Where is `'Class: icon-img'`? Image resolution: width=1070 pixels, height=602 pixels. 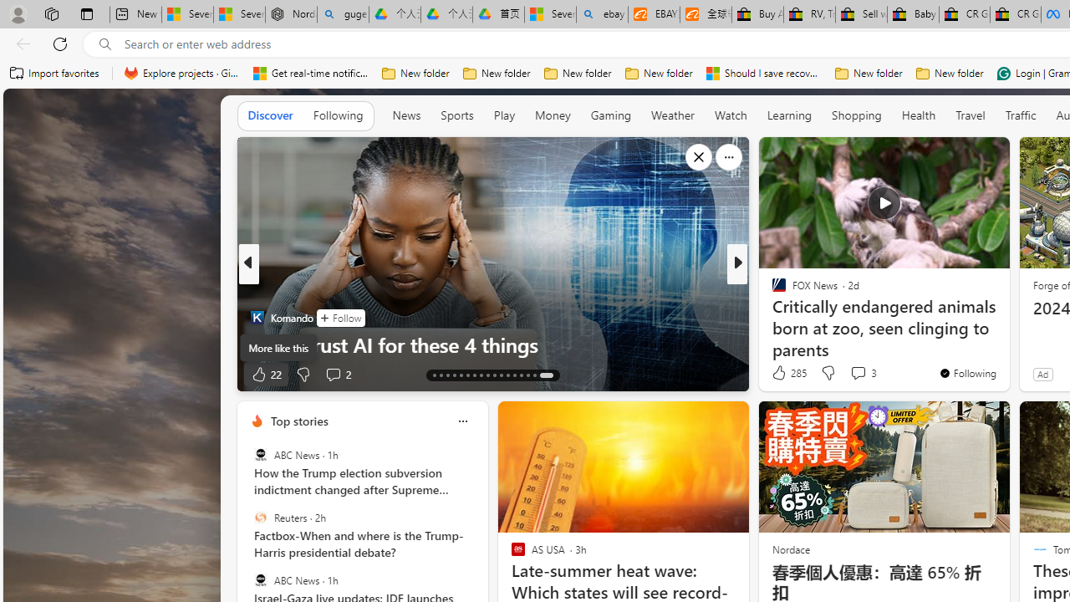 'Class: icon-img' is located at coordinates (462, 420).